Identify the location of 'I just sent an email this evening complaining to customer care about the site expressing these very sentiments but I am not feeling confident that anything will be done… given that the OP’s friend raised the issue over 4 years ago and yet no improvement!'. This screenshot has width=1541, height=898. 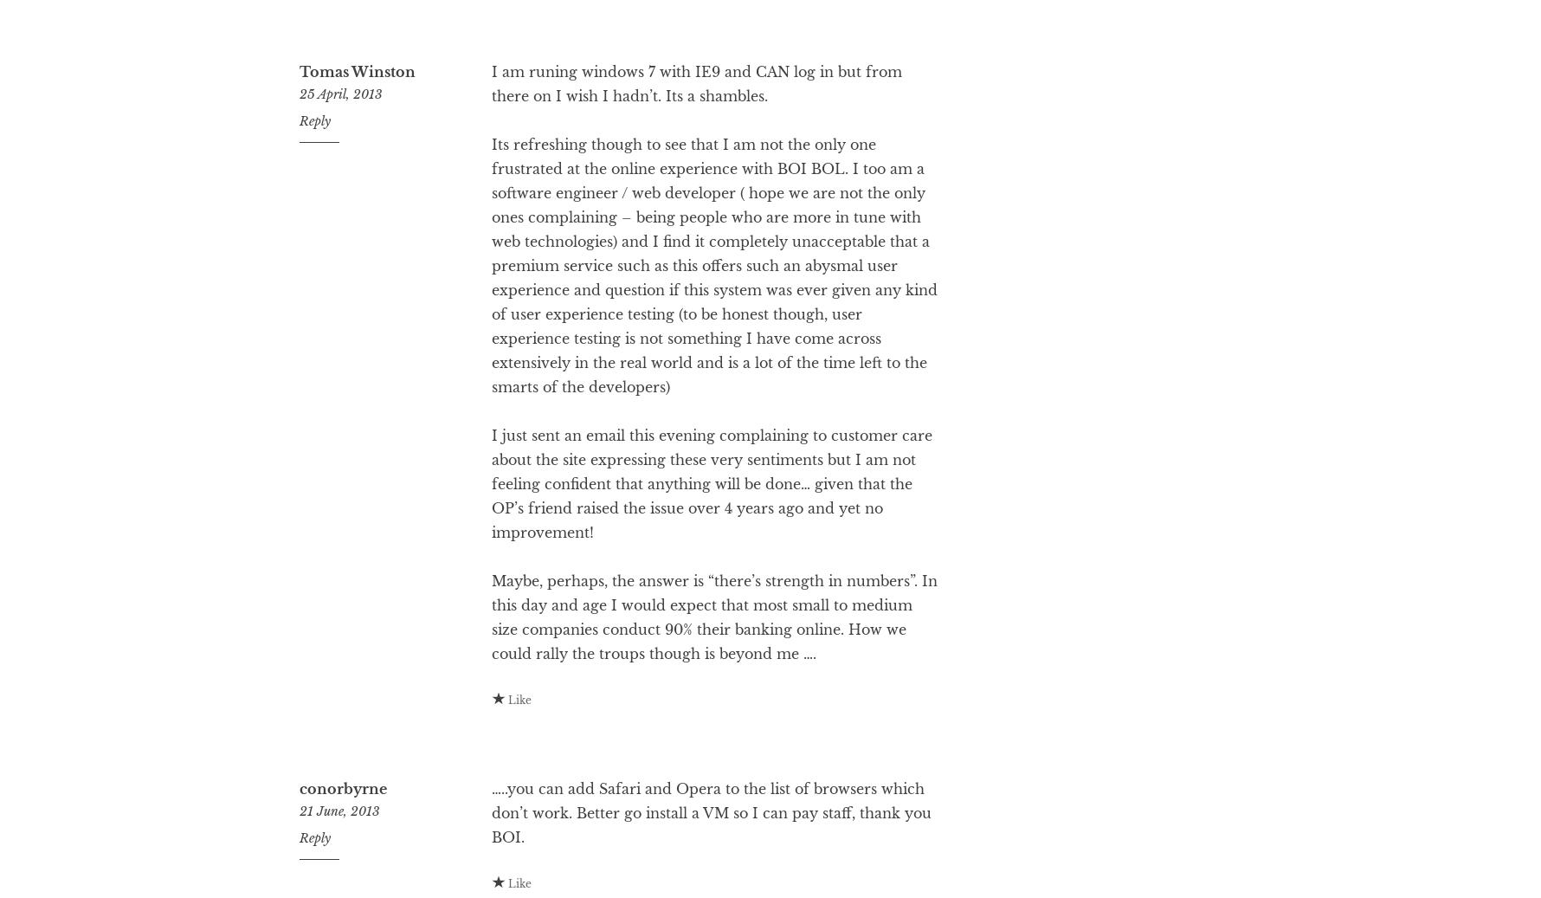
(710, 552).